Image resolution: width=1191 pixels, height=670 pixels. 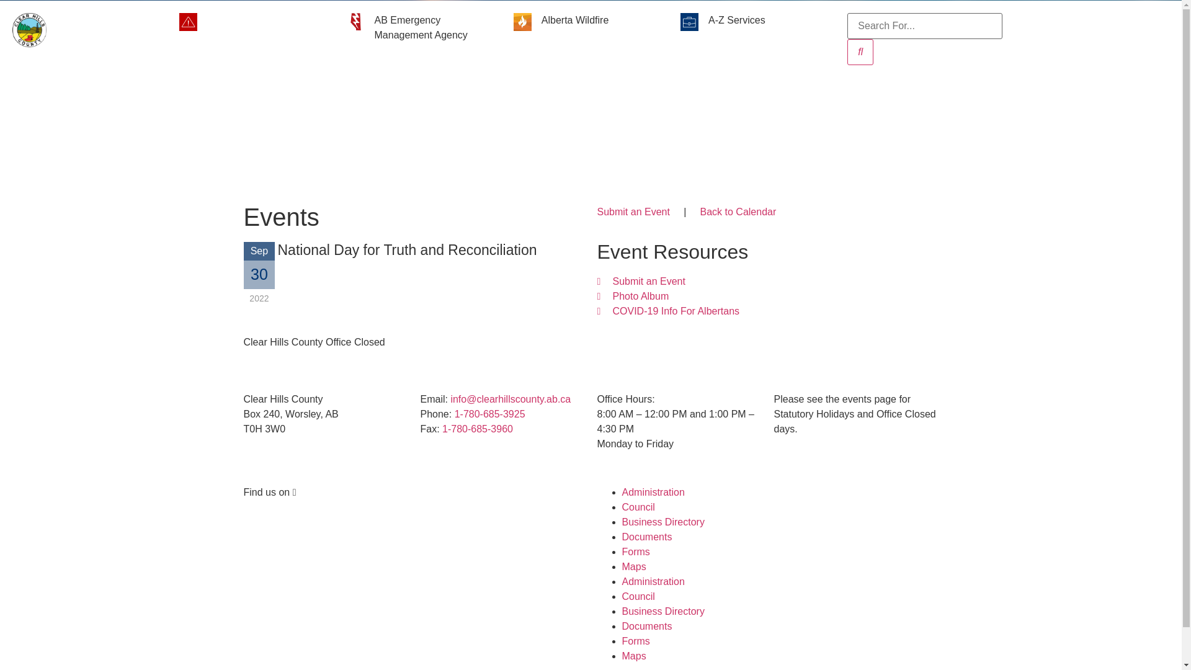 I want to click on 'info@clearhillscounty.ab.ca', so click(x=510, y=399).